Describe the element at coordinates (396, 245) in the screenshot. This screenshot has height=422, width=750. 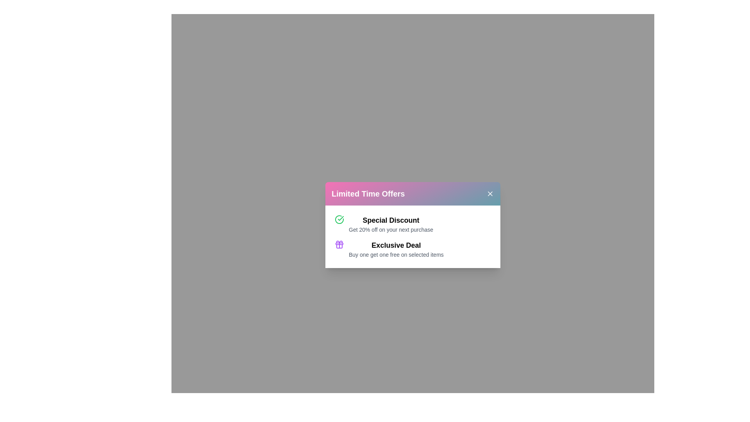
I see `the offer Exclusive Deal from the promotional dialog` at that location.